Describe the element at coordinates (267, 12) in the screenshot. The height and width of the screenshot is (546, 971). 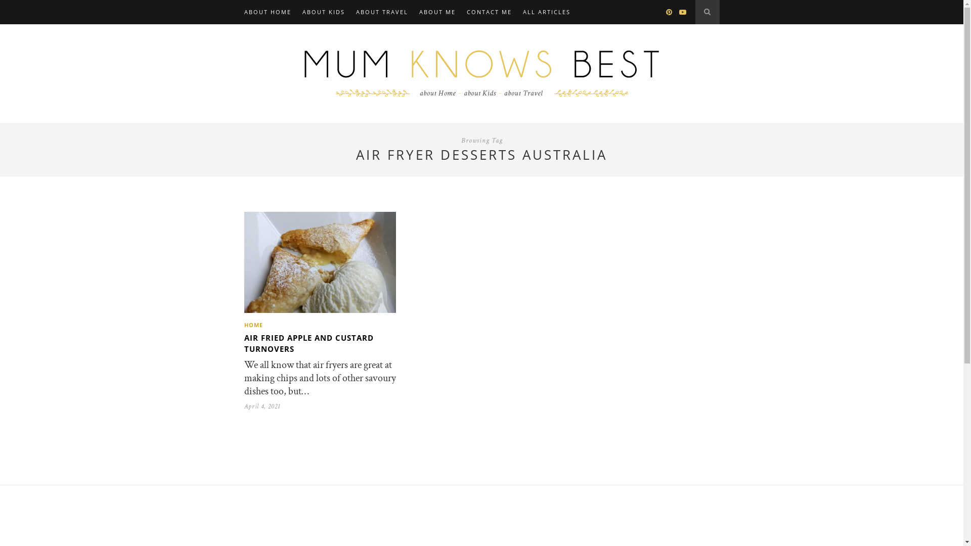
I see `'ABOUT HOME'` at that location.